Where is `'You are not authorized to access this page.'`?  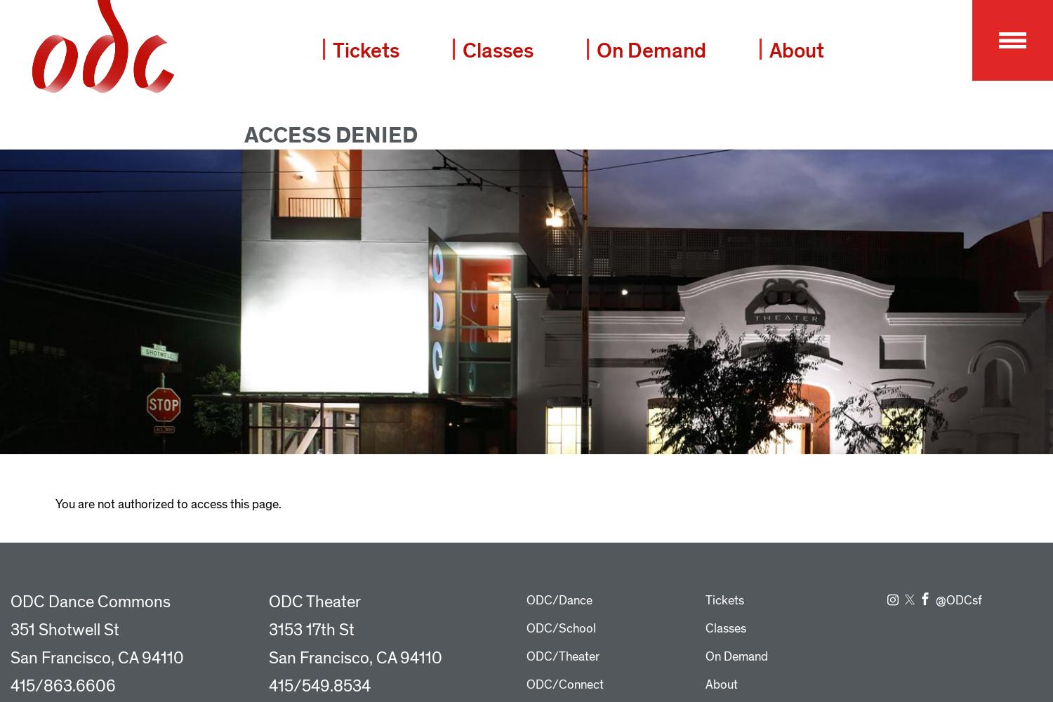 'You are not authorized to access this page.' is located at coordinates (166, 503).